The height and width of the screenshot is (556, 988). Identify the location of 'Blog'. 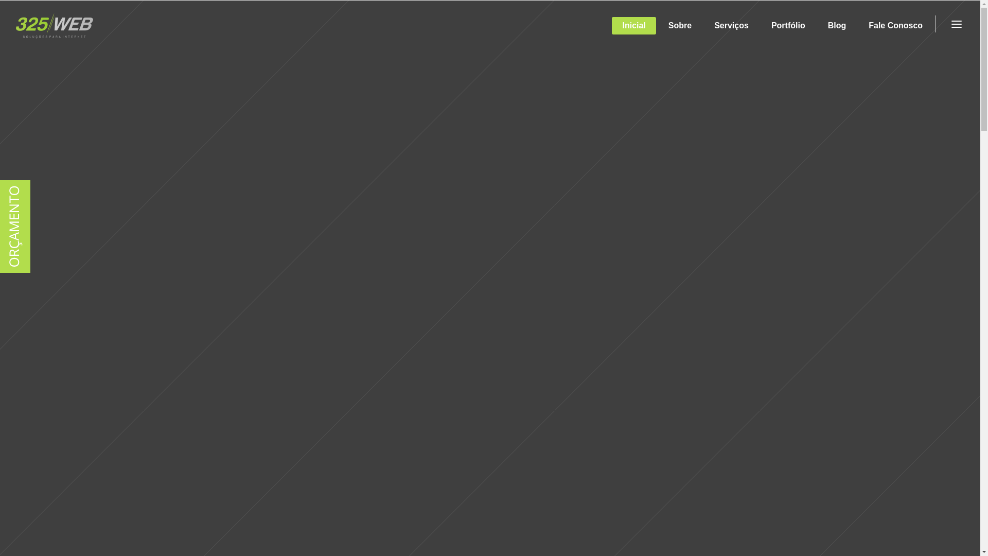
(817, 25).